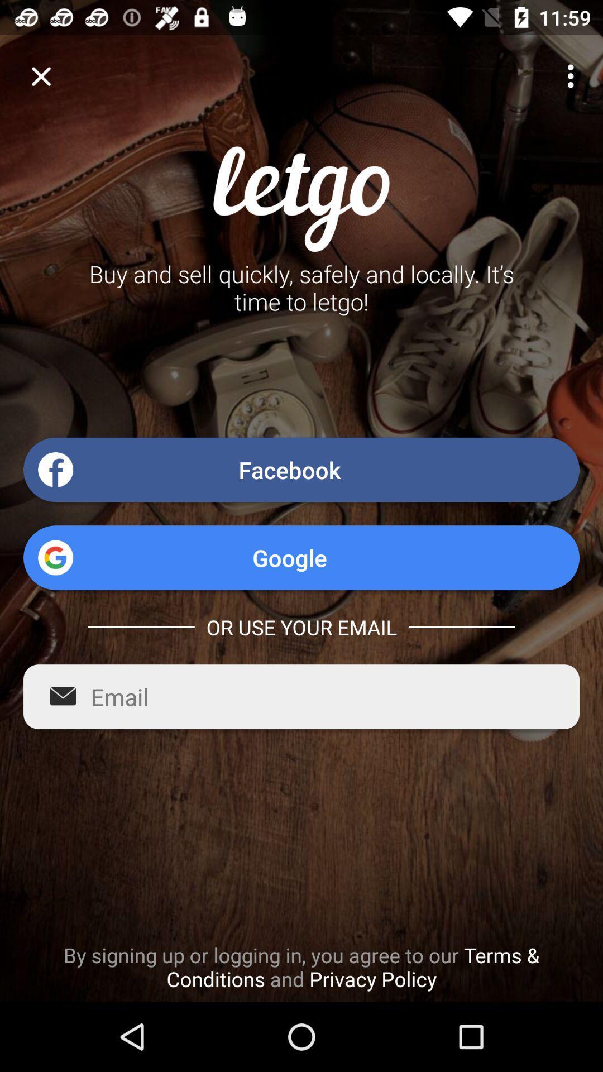 The image size is (603, 1072). Describe the element at coordinates (573, 75) in the screenshot. I see `the item above the facebook item` at that location.